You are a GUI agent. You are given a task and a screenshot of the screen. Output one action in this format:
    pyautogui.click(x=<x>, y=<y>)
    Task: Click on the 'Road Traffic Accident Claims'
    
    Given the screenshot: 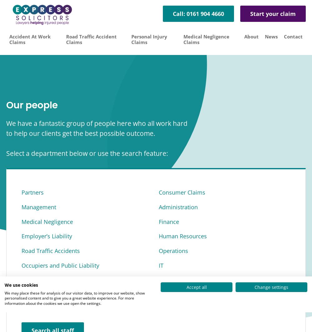 What is the action you would take?
    pyautogui.click(x=91, y=39)
    